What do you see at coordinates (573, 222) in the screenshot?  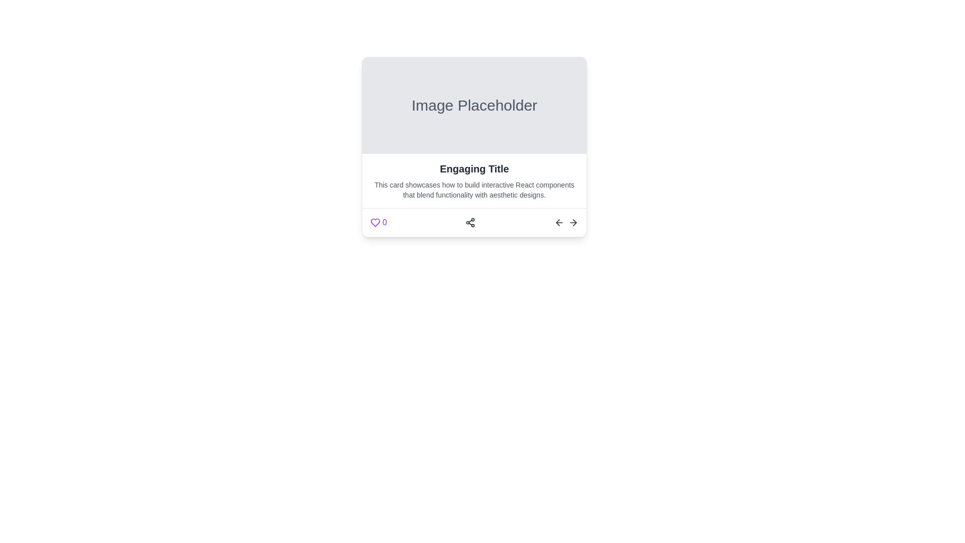 I see `the right-facing arrow button, which is a minimalist dark gray icon located in the bottom right corner of the card, to indicate interactivity` at bounding box center [573, 222].